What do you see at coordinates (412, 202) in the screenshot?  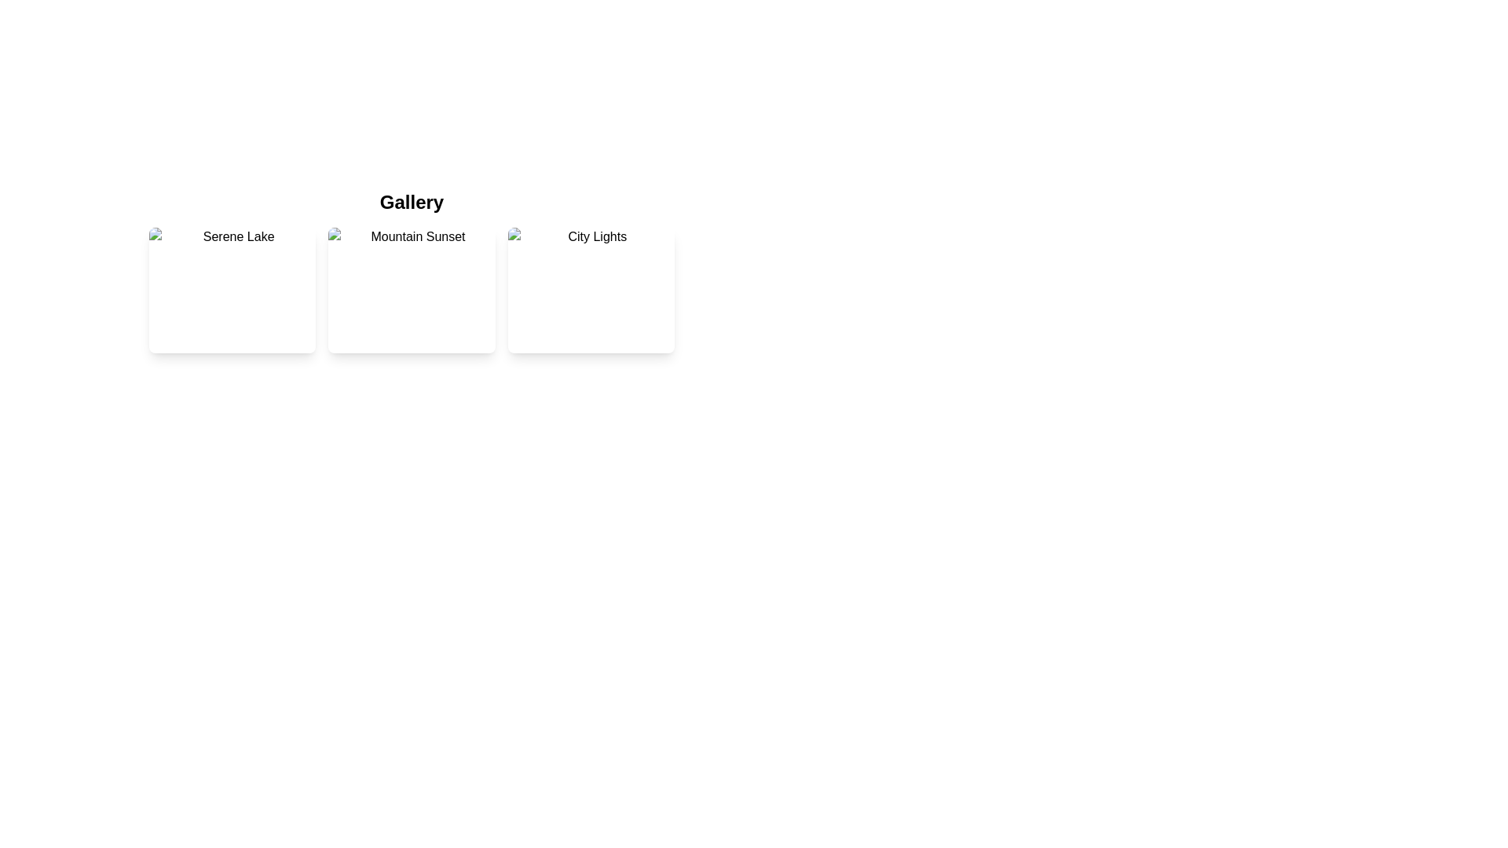 I see `header text 'Gallery' which is a bold, large font located at the top of the section, centered horizontally above the thumbnail cards` at bounding box center [412, 202].